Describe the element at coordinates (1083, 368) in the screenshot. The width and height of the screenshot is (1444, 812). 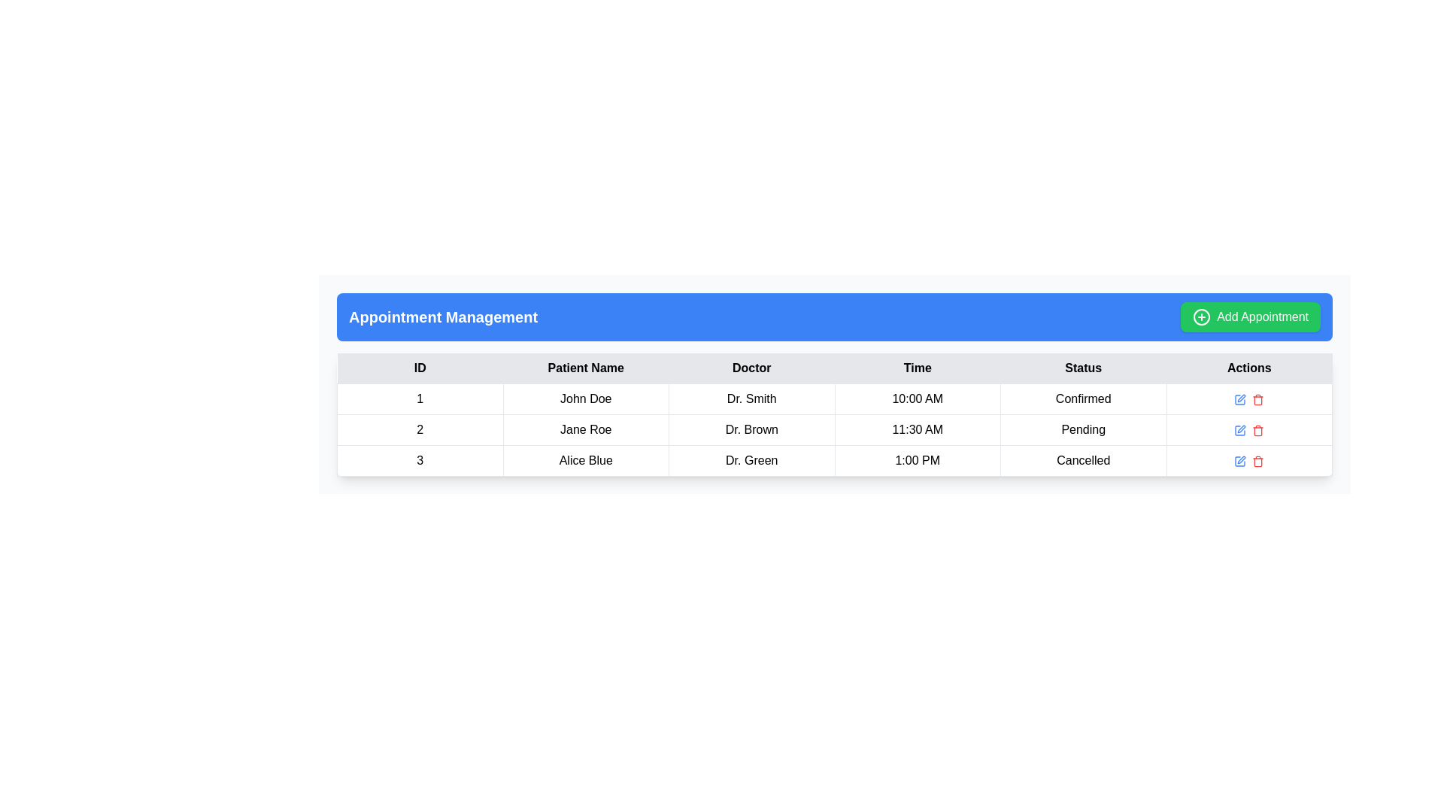
I see `the 'Status' text label, which is a bold, black text element centered within a light gray background, located in the header row of a table` at that location.